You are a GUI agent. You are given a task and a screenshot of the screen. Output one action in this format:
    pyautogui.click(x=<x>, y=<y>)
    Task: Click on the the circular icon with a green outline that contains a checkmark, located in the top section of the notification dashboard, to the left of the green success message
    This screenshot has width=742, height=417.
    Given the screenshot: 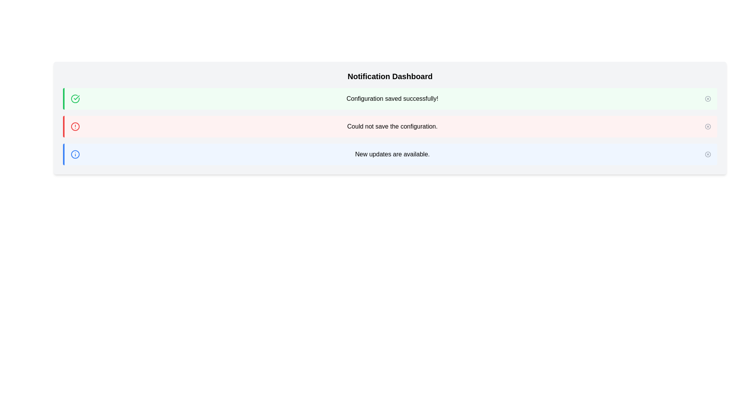 What is the action you would take?
    pyautogui.click(x=75, y=98)
    